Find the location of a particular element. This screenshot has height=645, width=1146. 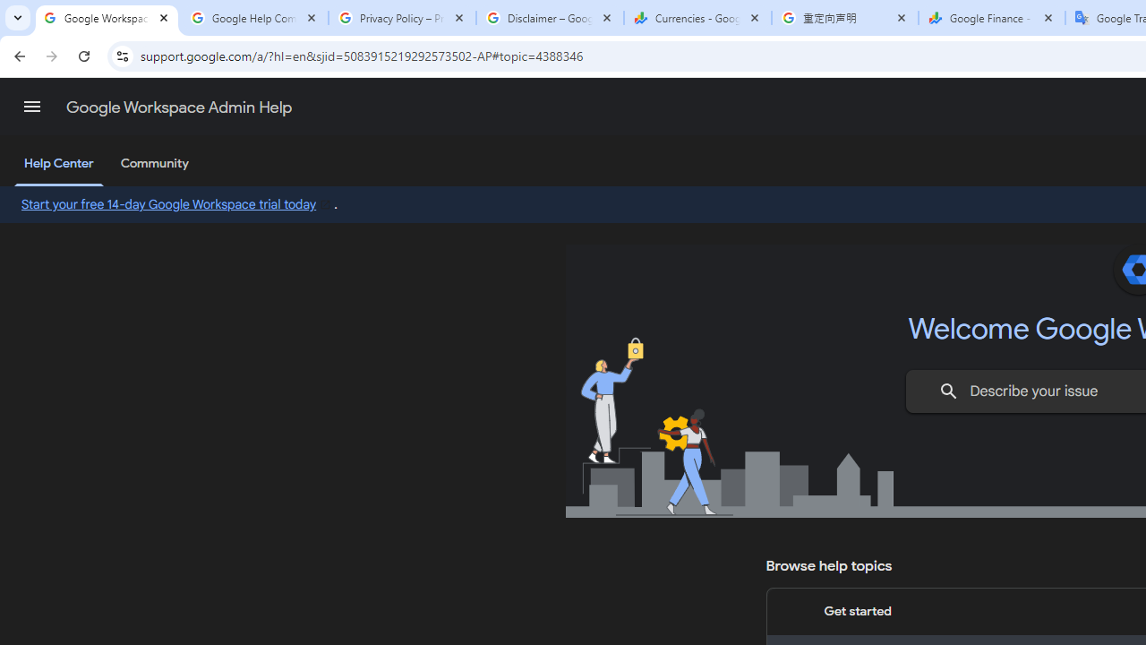

'Main menu' is located at coordinates (31, 107).